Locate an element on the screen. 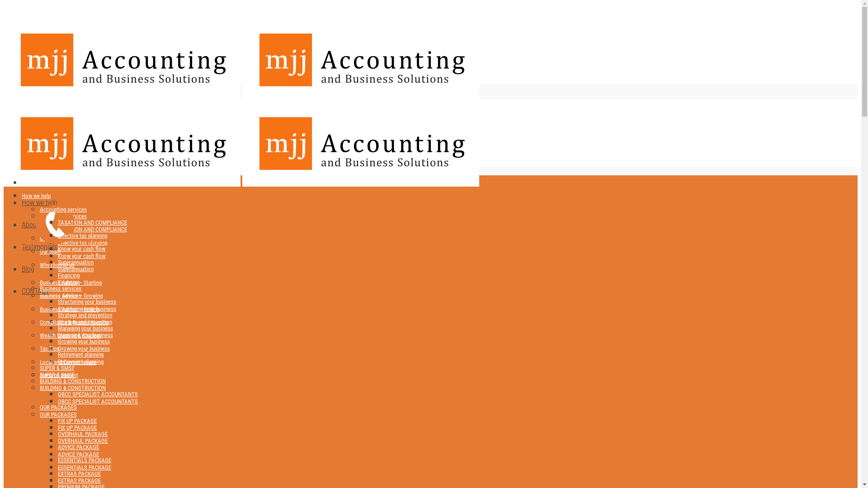 Image resolution: width=868 pixels, height=488 pixels. 'FIX UP PACKAGE' is located at coordinates (77, 427).